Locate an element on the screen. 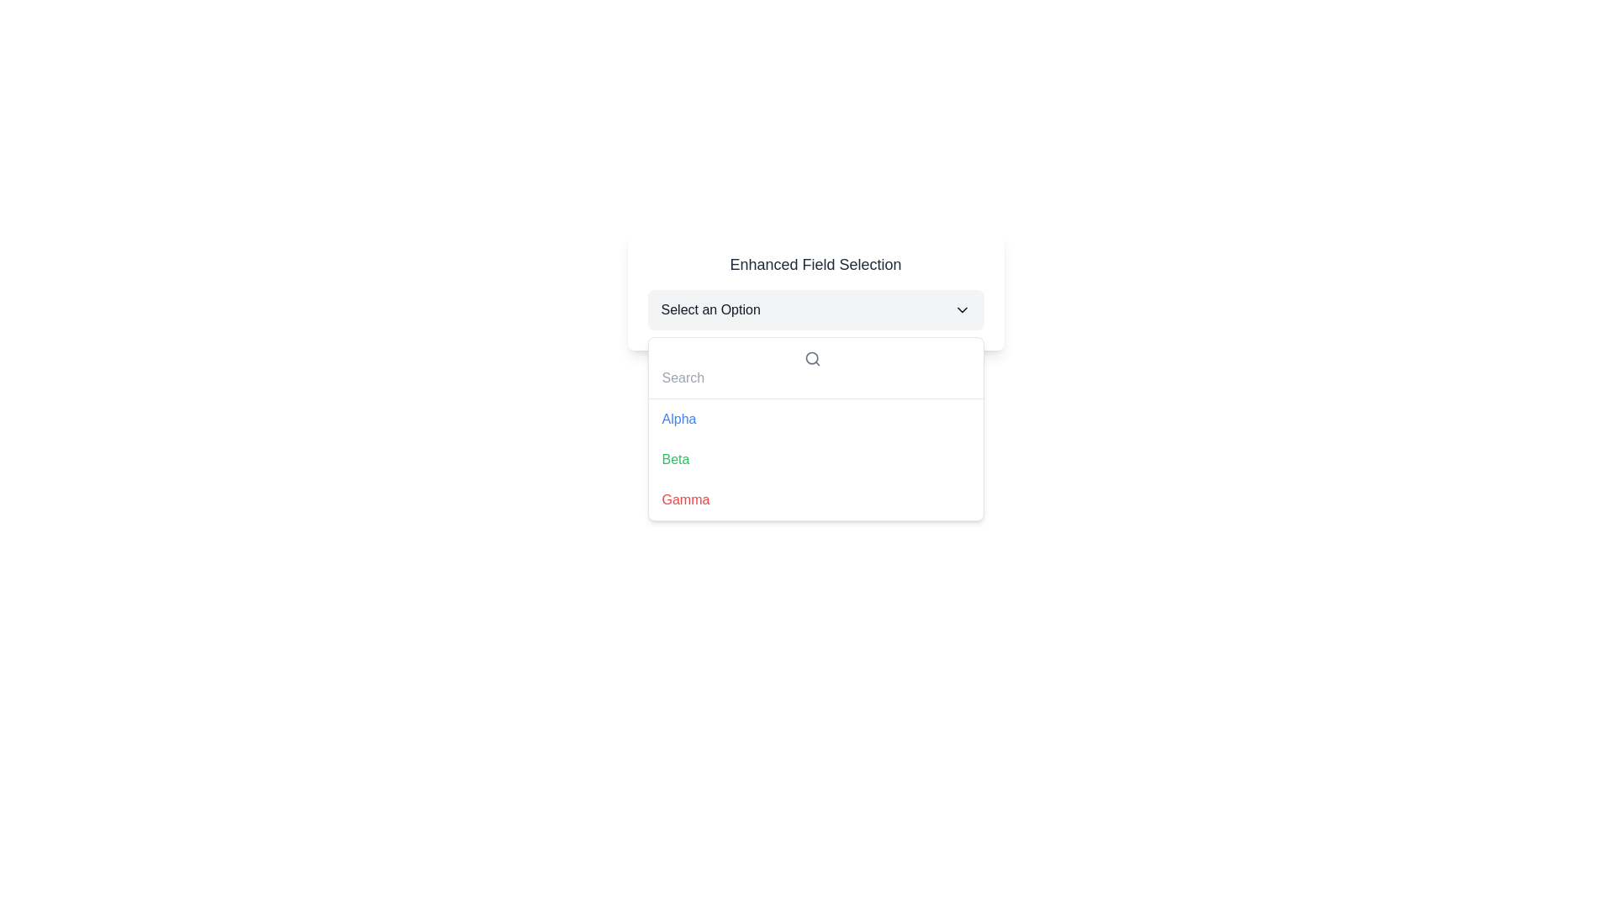 This screenshot has height=908, width=1614. the menu option labeled 'Beta' is located at coordinates (815, 460).